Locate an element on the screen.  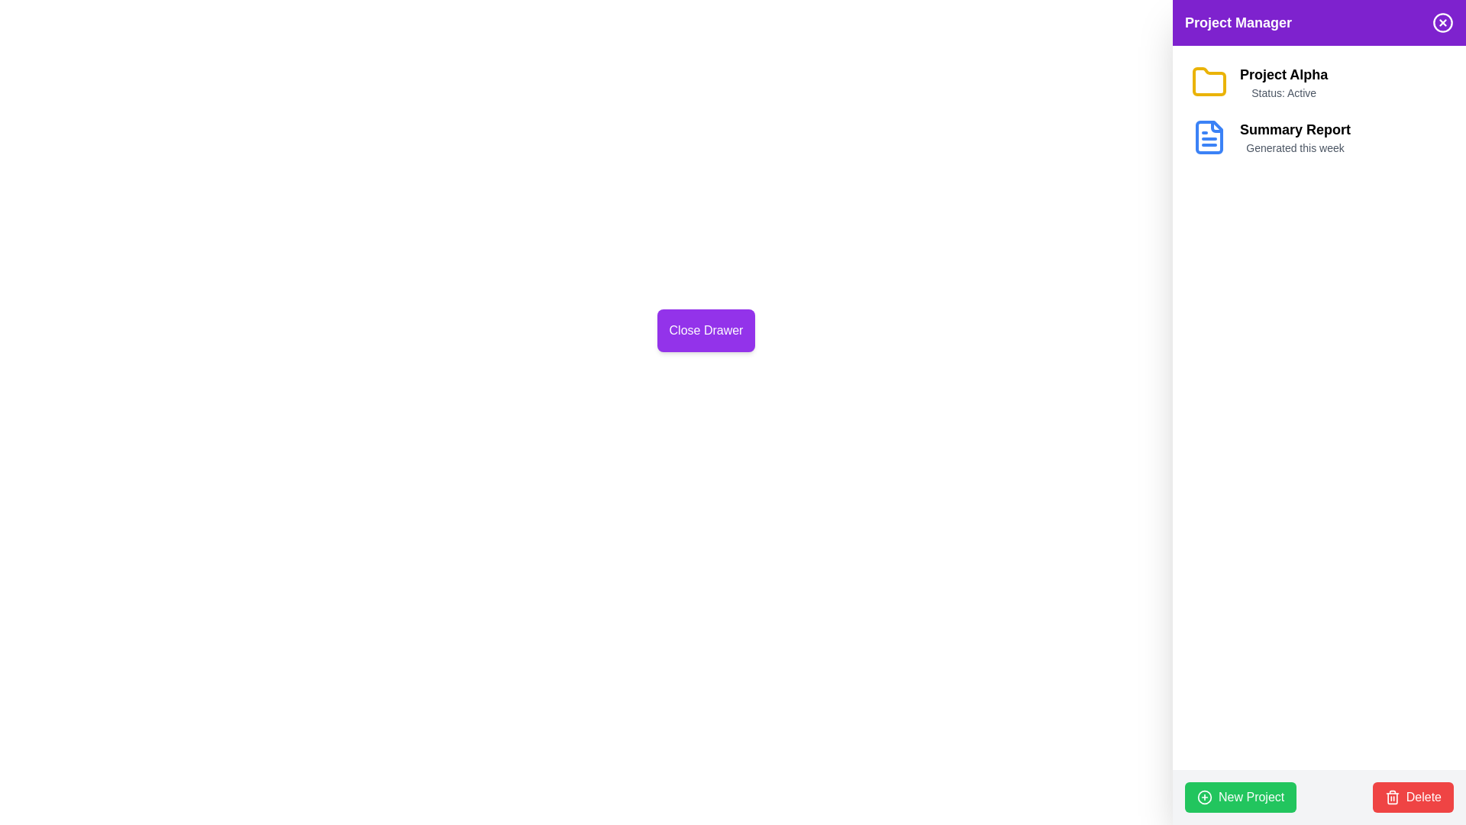
the List item entry for 'Project Alpha', which features a yellow folder icon and the text 'Status: Active' below it, located above 'Summary Report' is located at coordinates (1319, 82).